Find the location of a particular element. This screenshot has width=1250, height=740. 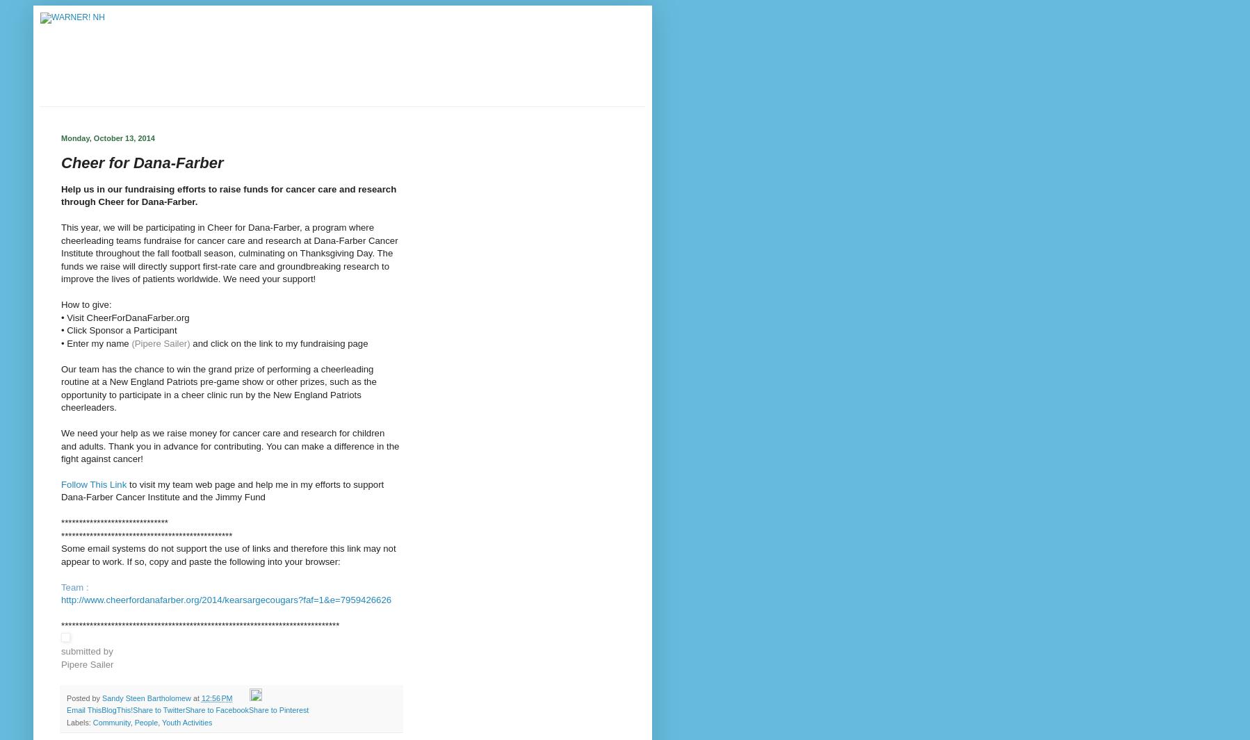

'People' is located at coordinates (146, 722).